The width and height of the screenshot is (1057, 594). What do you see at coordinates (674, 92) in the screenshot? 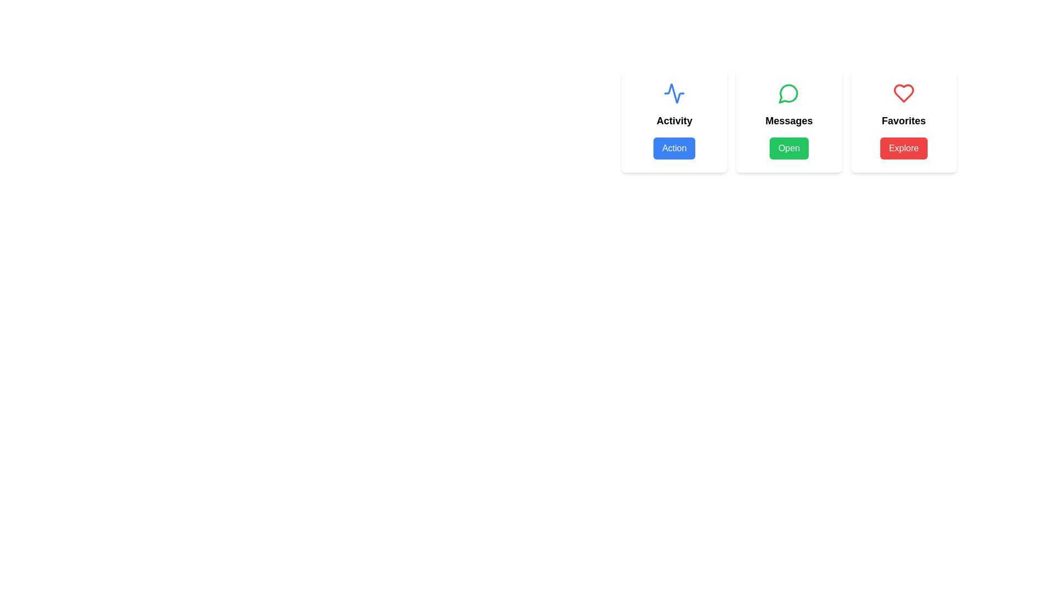
I see `the 'Activity' icon located at the top-center of the 'Activity' card` at bounding box center [674, 92].